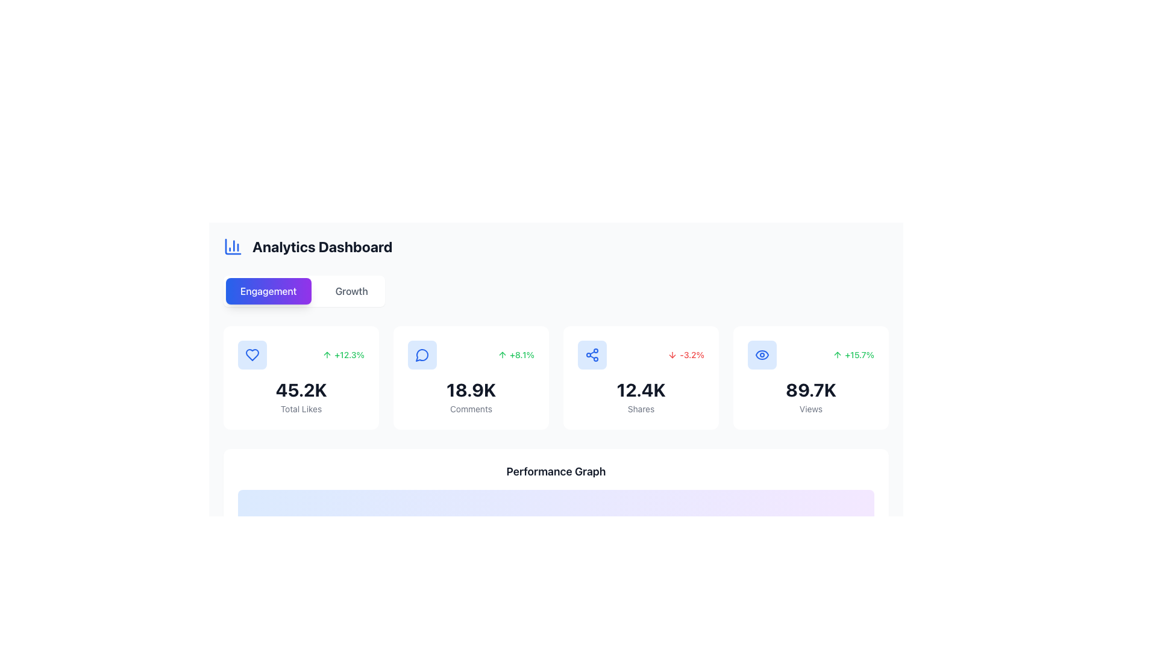 The width and height of the screenshot is (1157, 650). Describe the element at coordinates (853, 354) in the screenshot. I see `the numeric text reading '+15.7%' styled in green, located at the upper right corner of the 'Views' card` at that location.